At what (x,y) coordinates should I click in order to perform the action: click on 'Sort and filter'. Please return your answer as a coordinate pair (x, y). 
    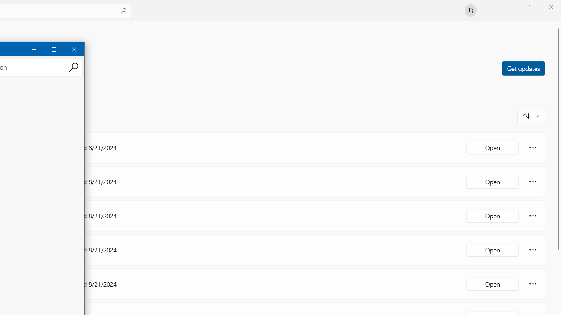
    Looking at the image, I should click on (531, 115).